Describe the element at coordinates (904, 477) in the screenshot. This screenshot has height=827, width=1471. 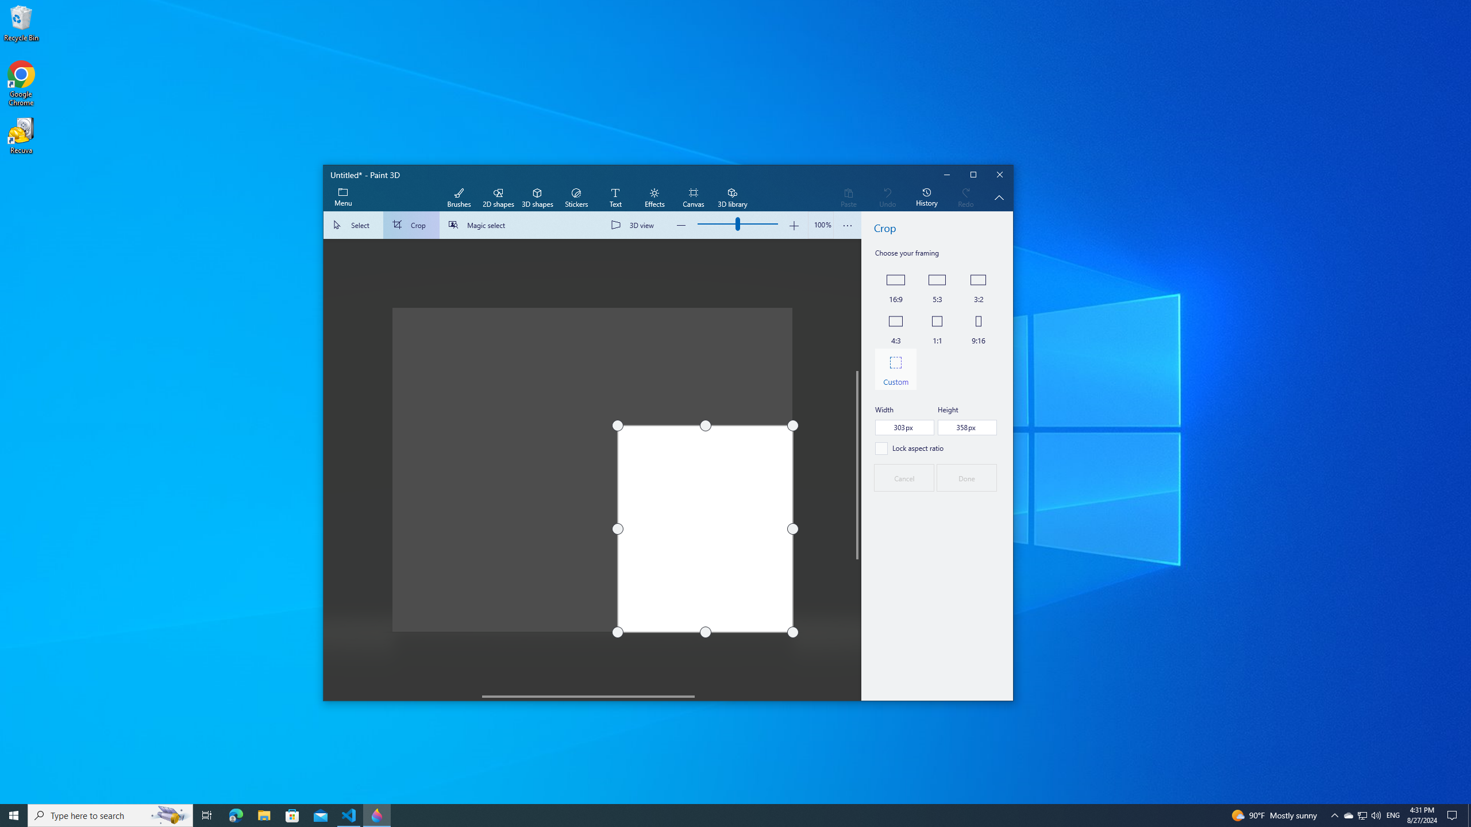
I see `'Cancel'` at that location.